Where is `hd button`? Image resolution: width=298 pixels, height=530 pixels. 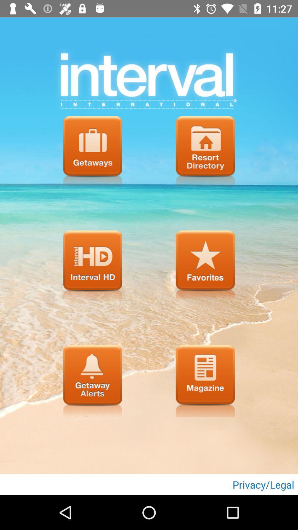
hd button is located at coordinates (92, 266).